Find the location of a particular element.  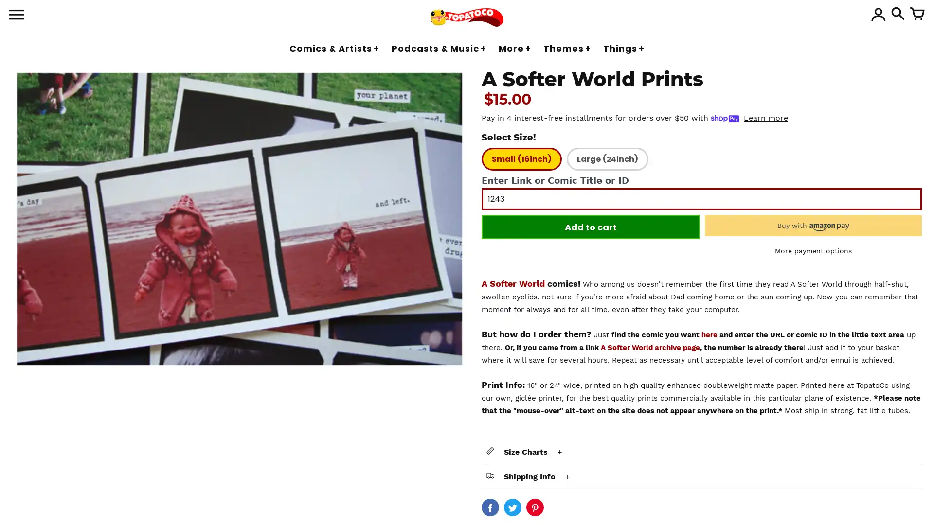

More payment options is located at coordinates (813, 250).